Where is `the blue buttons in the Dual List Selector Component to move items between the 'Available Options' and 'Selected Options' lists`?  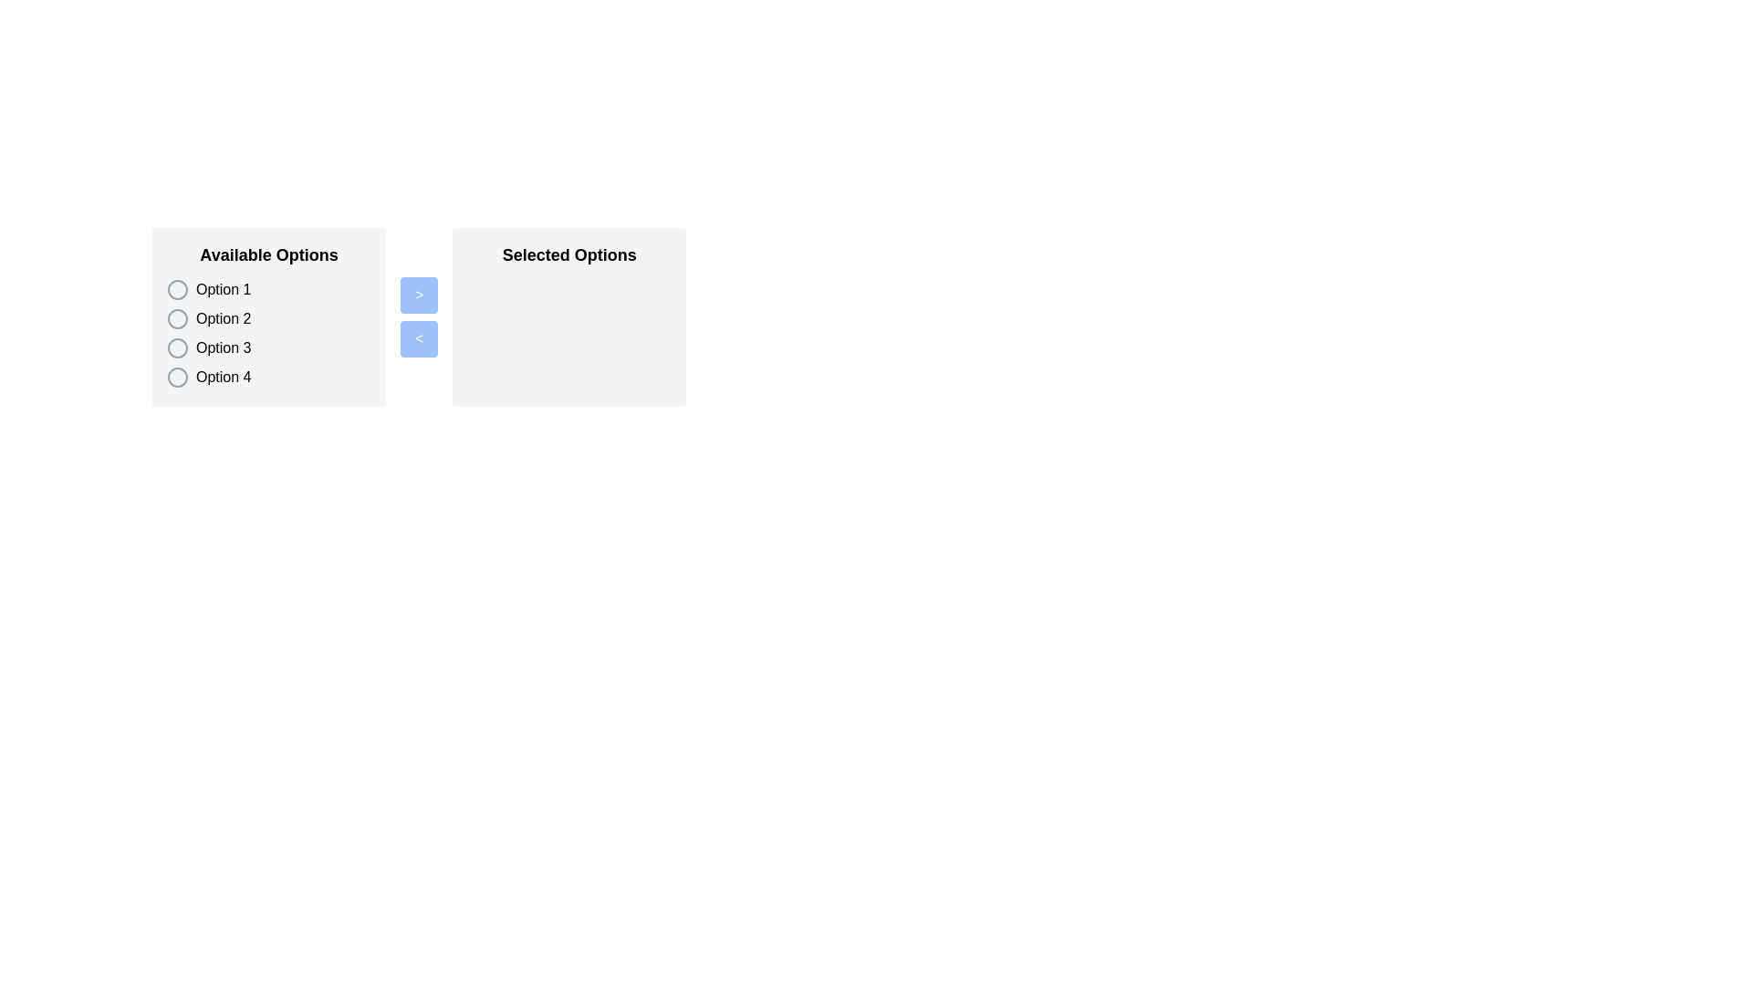 the blue buttons in the Dual List Selector Component to move items between the 'Available Options' and 'Selected Options' lists is located at coordinates (450, 316).